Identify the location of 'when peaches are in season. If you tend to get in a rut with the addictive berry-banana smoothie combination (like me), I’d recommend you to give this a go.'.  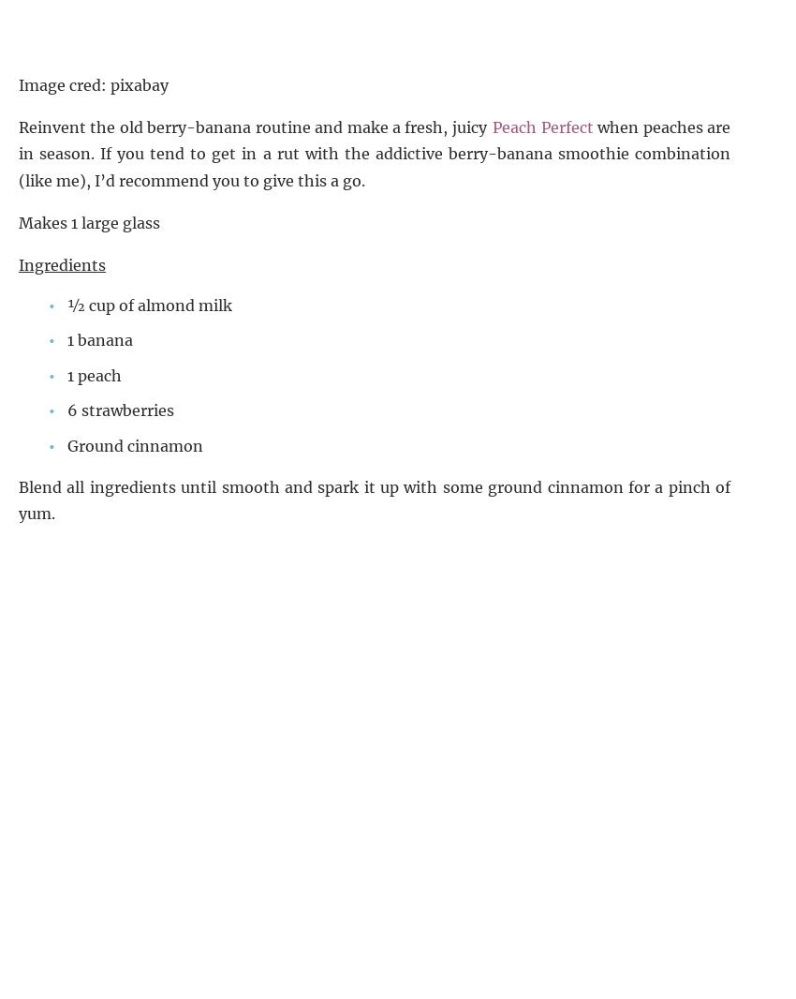
(375, 152).